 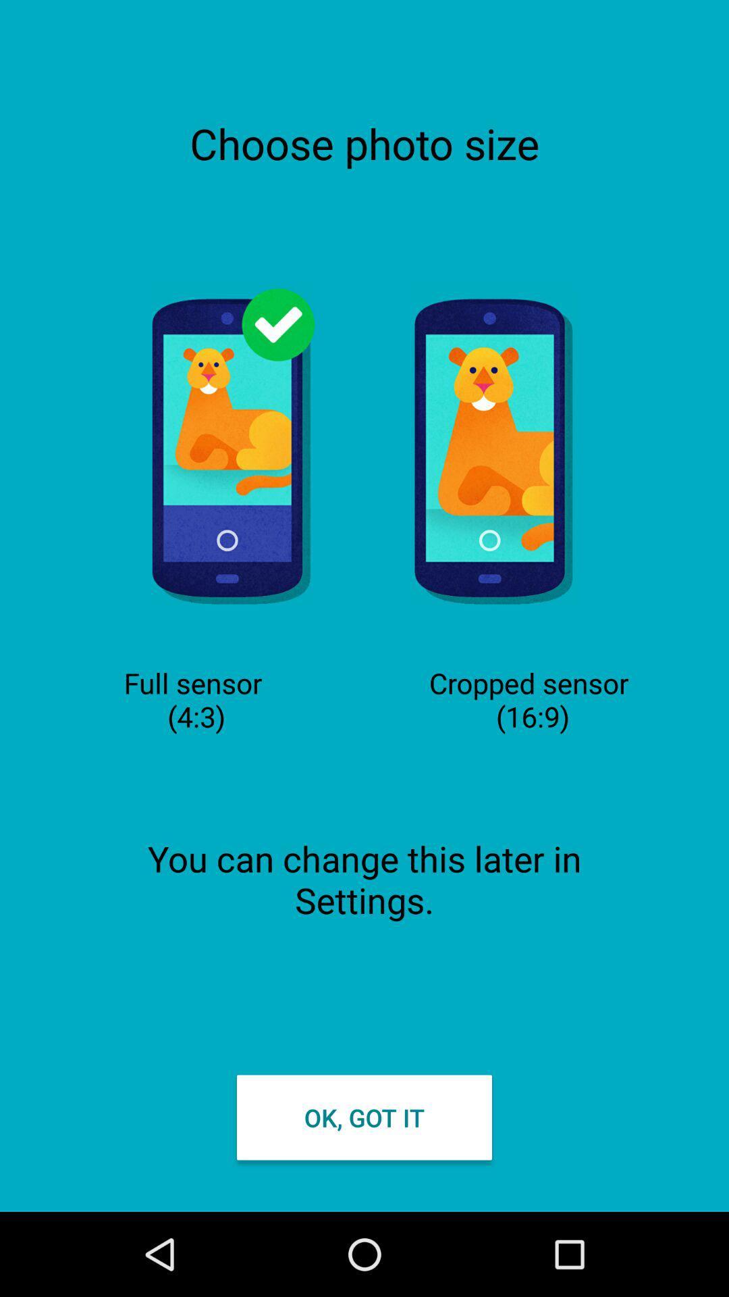 What do you see at coordinates (364, 1117) in the screenshot?
I see `the ok, got it item` at bounding box center [364, 1117].